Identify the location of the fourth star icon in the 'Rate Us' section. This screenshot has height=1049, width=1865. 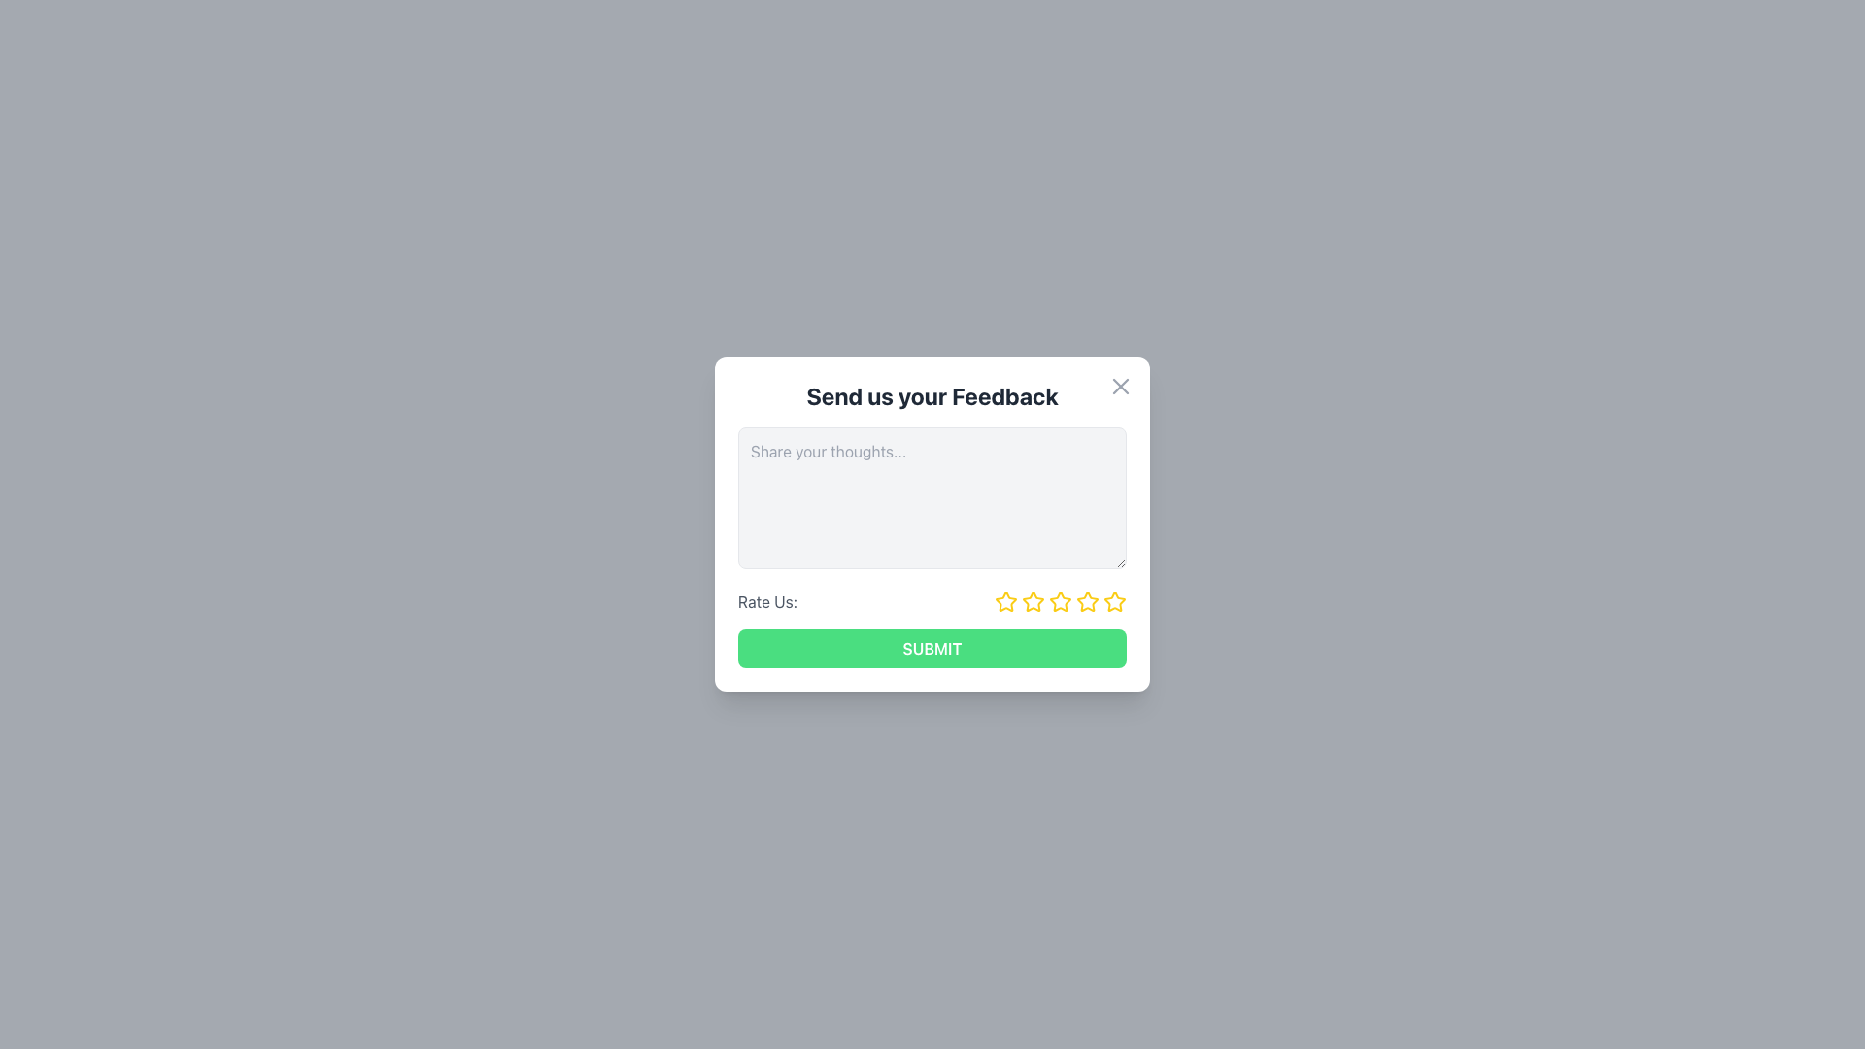
(1059, 600).